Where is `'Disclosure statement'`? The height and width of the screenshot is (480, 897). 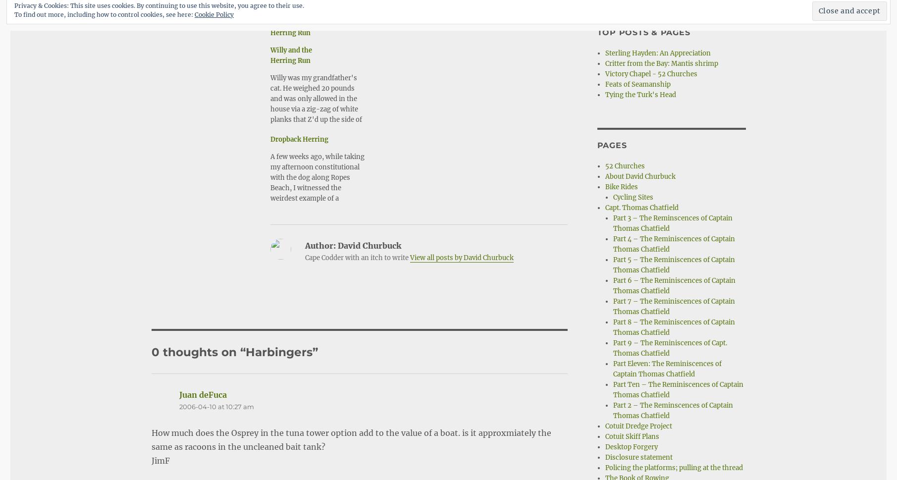 'Disclosure statement' is located at coordinates (638, 457).